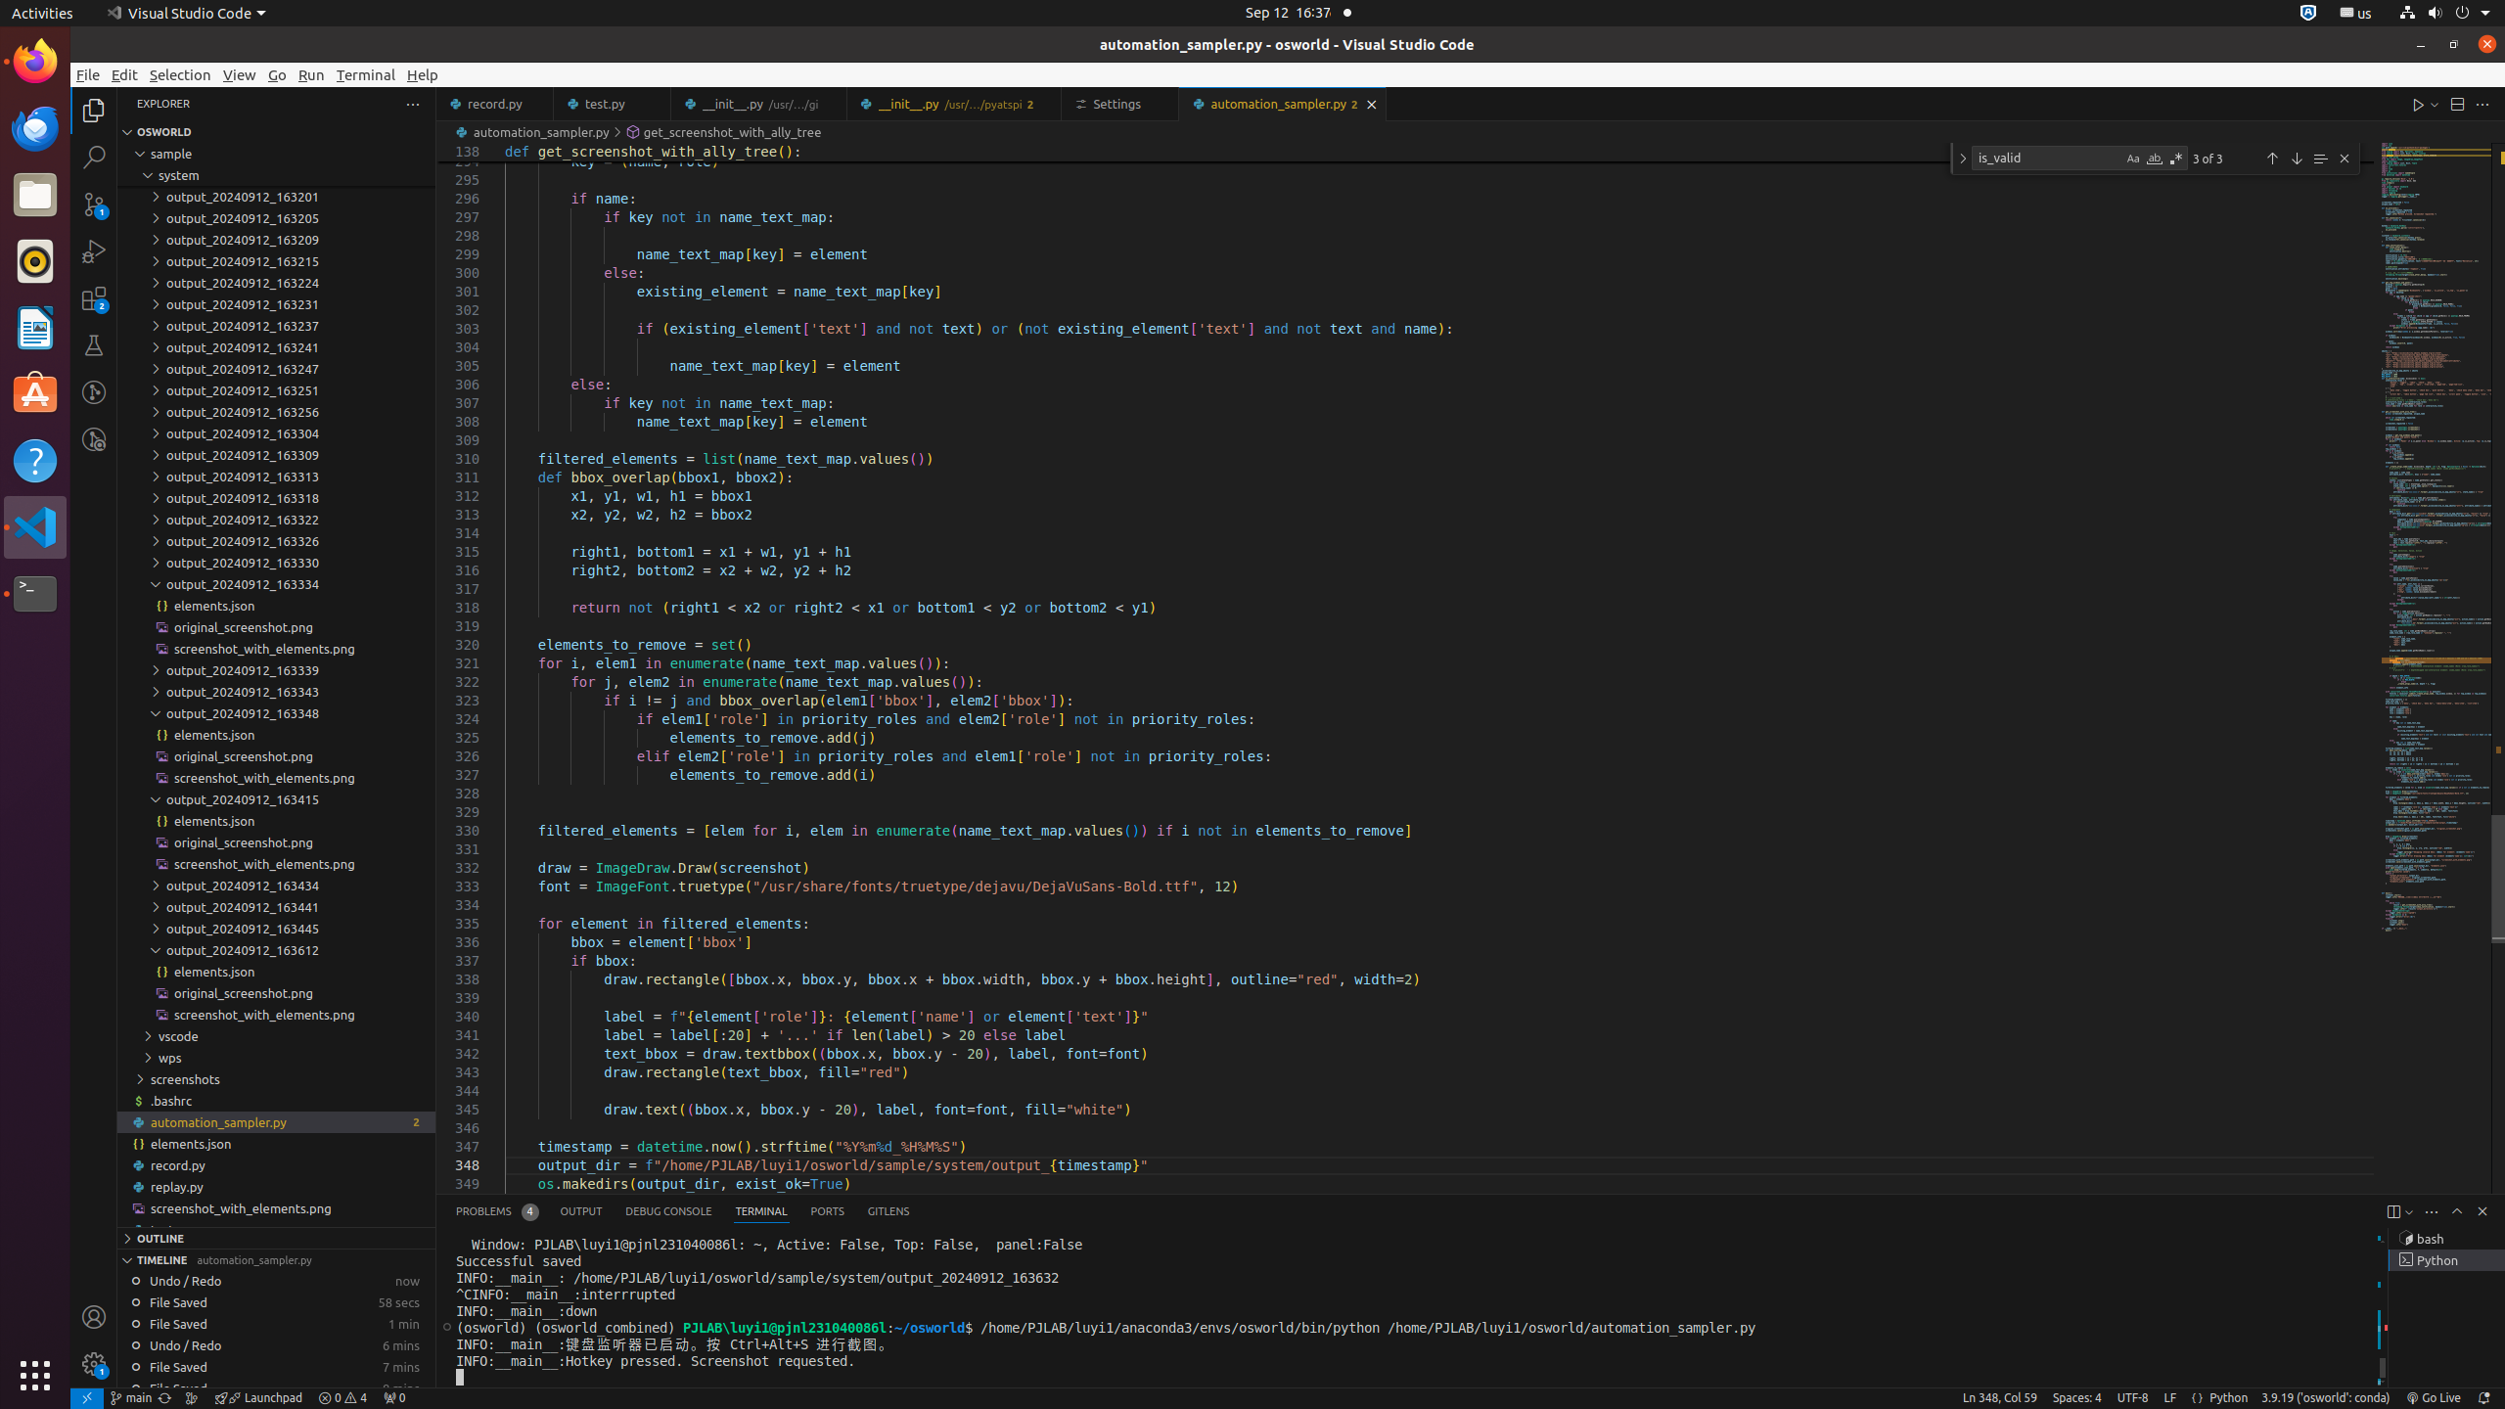  I want to click on 'Explorer Section: osworld', so click(275, 131).